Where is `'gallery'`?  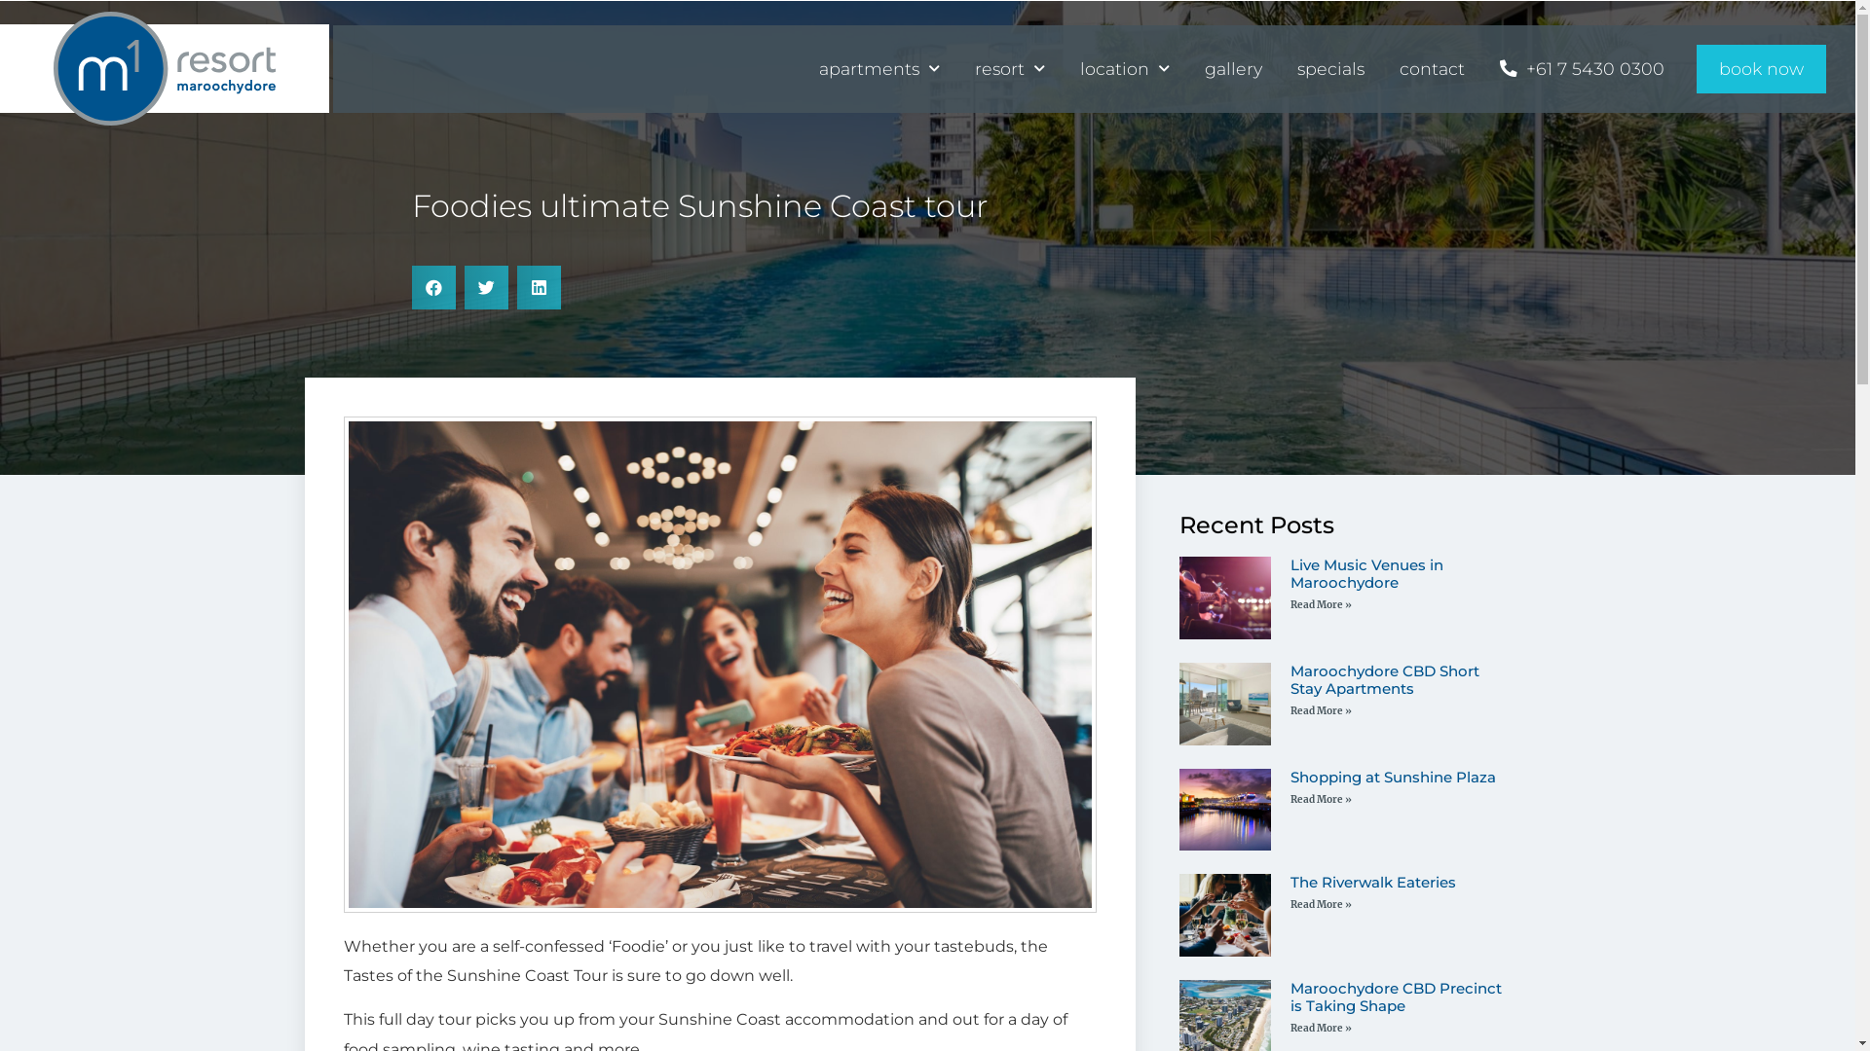
'gallery' is located at coordinates (1232, 67).